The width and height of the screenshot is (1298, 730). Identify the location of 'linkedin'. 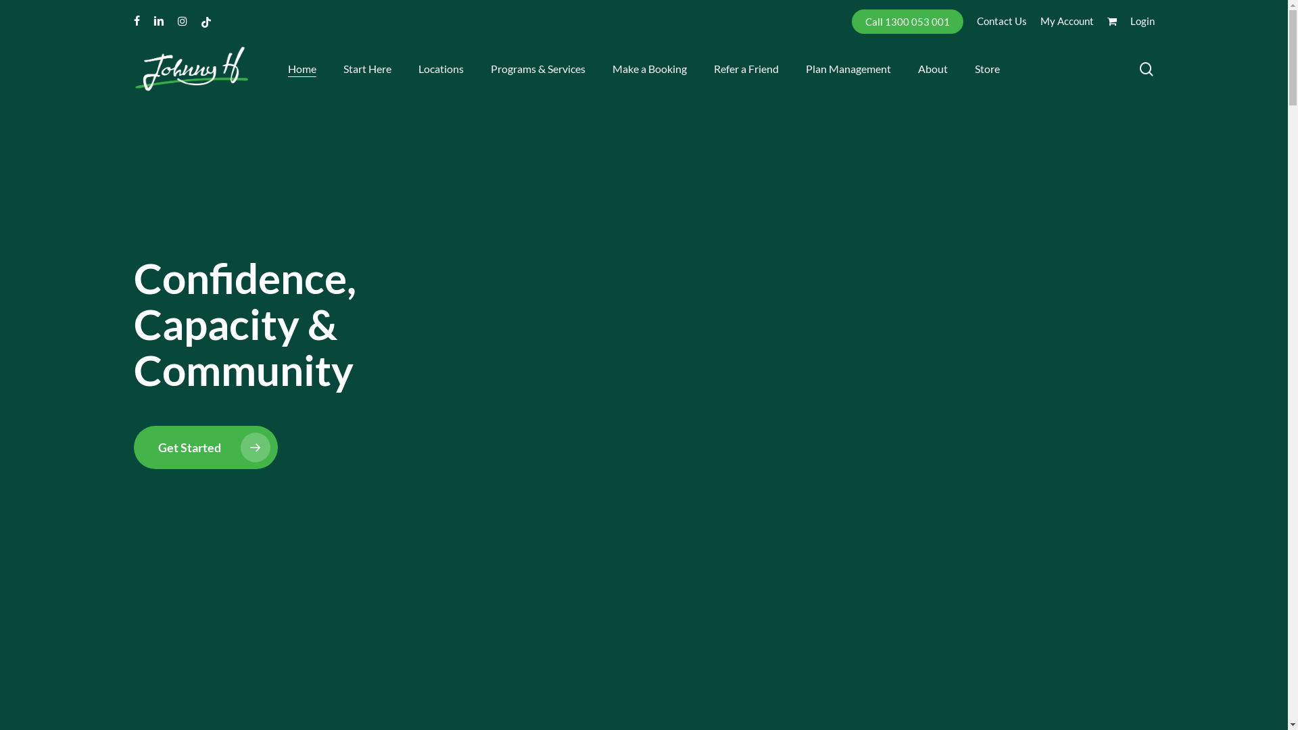
(158, 20).